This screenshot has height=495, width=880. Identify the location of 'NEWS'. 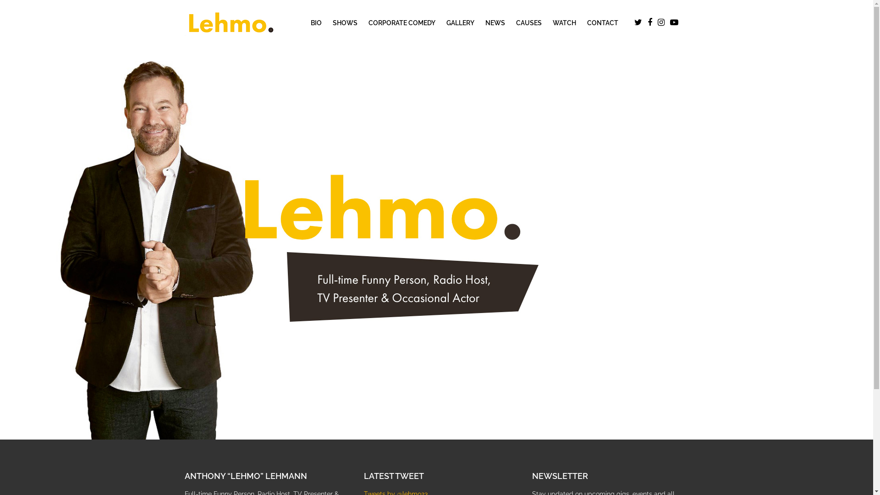
(494, 22).